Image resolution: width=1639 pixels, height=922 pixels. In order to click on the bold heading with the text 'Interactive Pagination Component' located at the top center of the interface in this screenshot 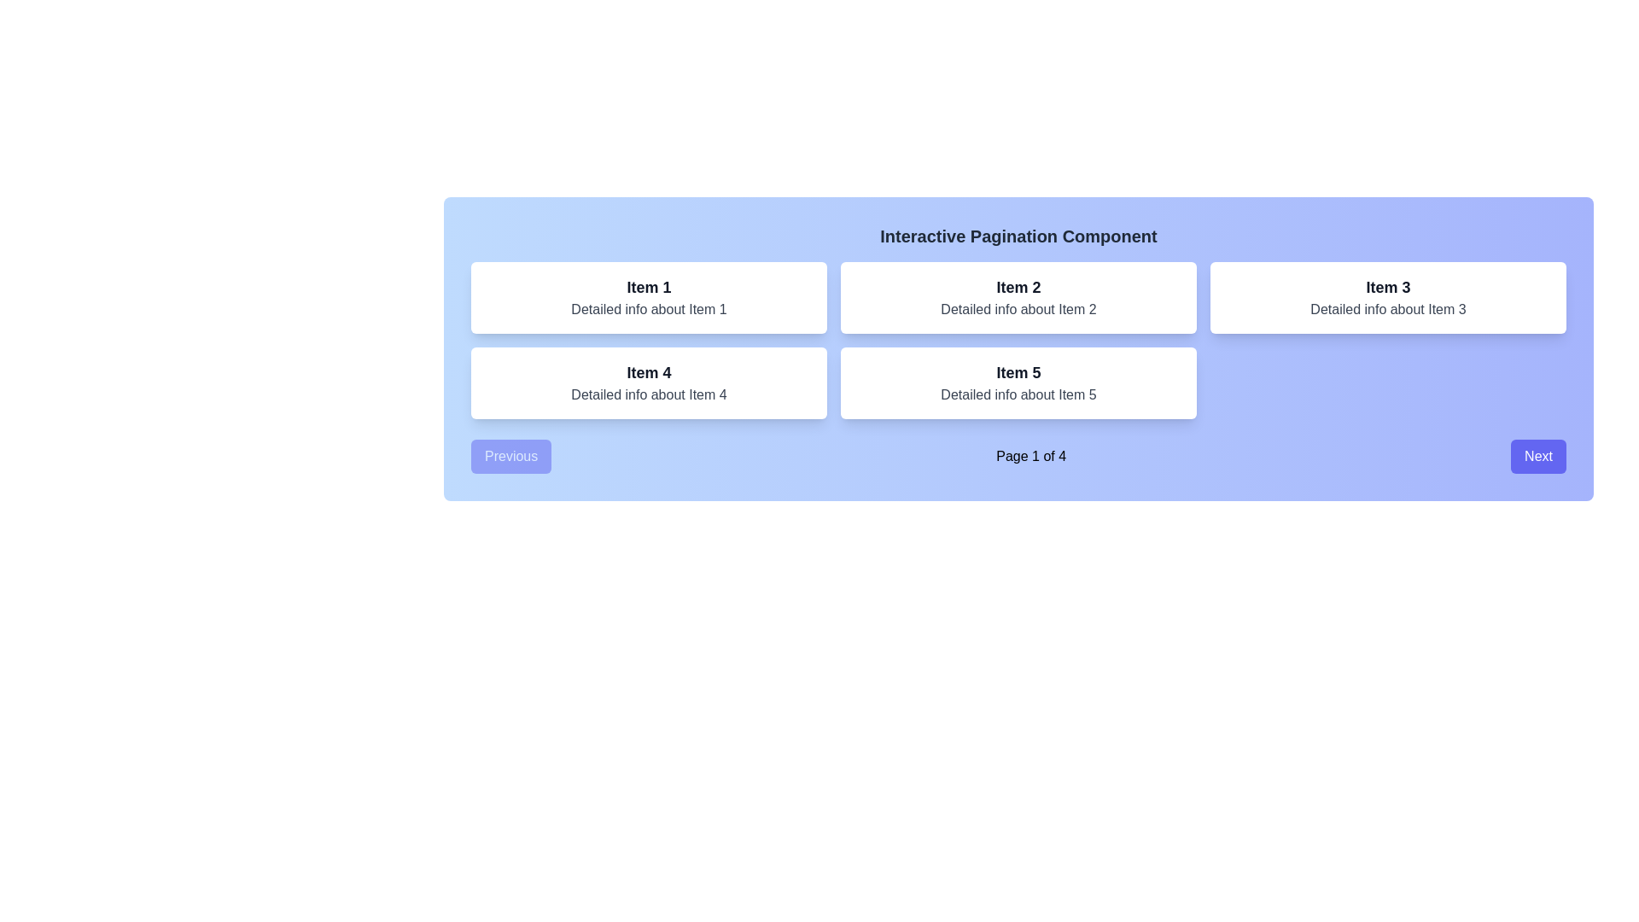, I will do `click(1018, 236)`.